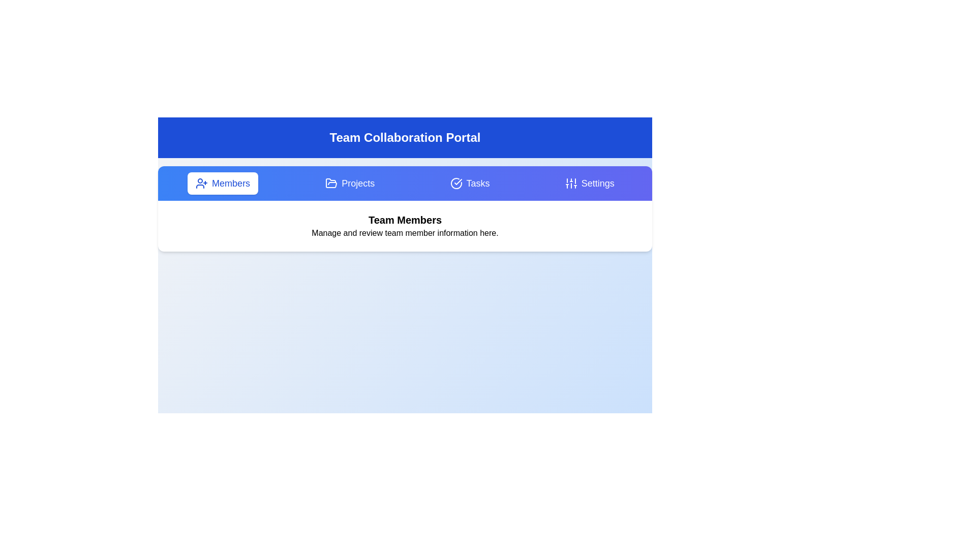  What do you see at coordinates (404, 233) in the screenshot?
I see `the static text label that provides guidance about the 'Team Members' section, located directly below the heading` at bounding box center [404, 233].